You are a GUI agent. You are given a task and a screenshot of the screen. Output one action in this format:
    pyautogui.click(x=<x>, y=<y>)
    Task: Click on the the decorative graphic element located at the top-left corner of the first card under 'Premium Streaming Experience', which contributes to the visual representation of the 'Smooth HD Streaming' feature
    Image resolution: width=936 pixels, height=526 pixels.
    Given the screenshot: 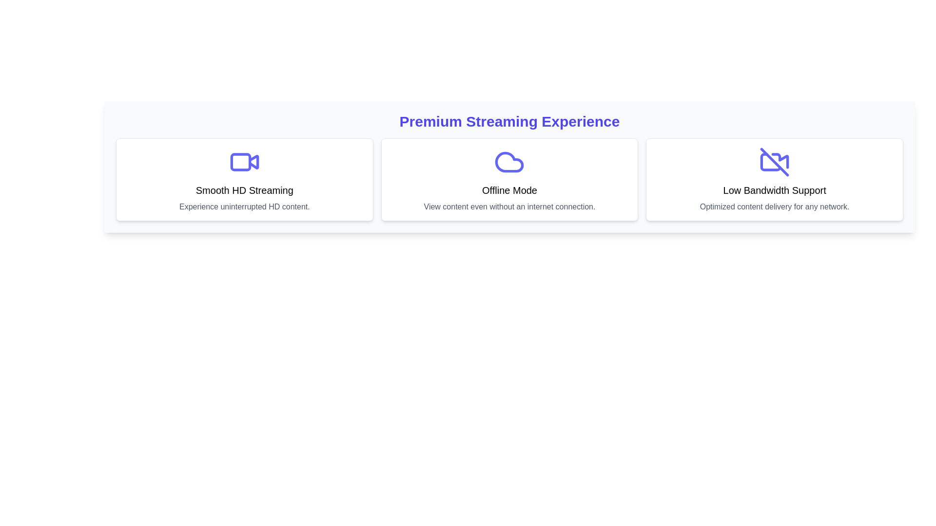 What is the action you would take?
    pyautogui.click(x=240, y=161)
    